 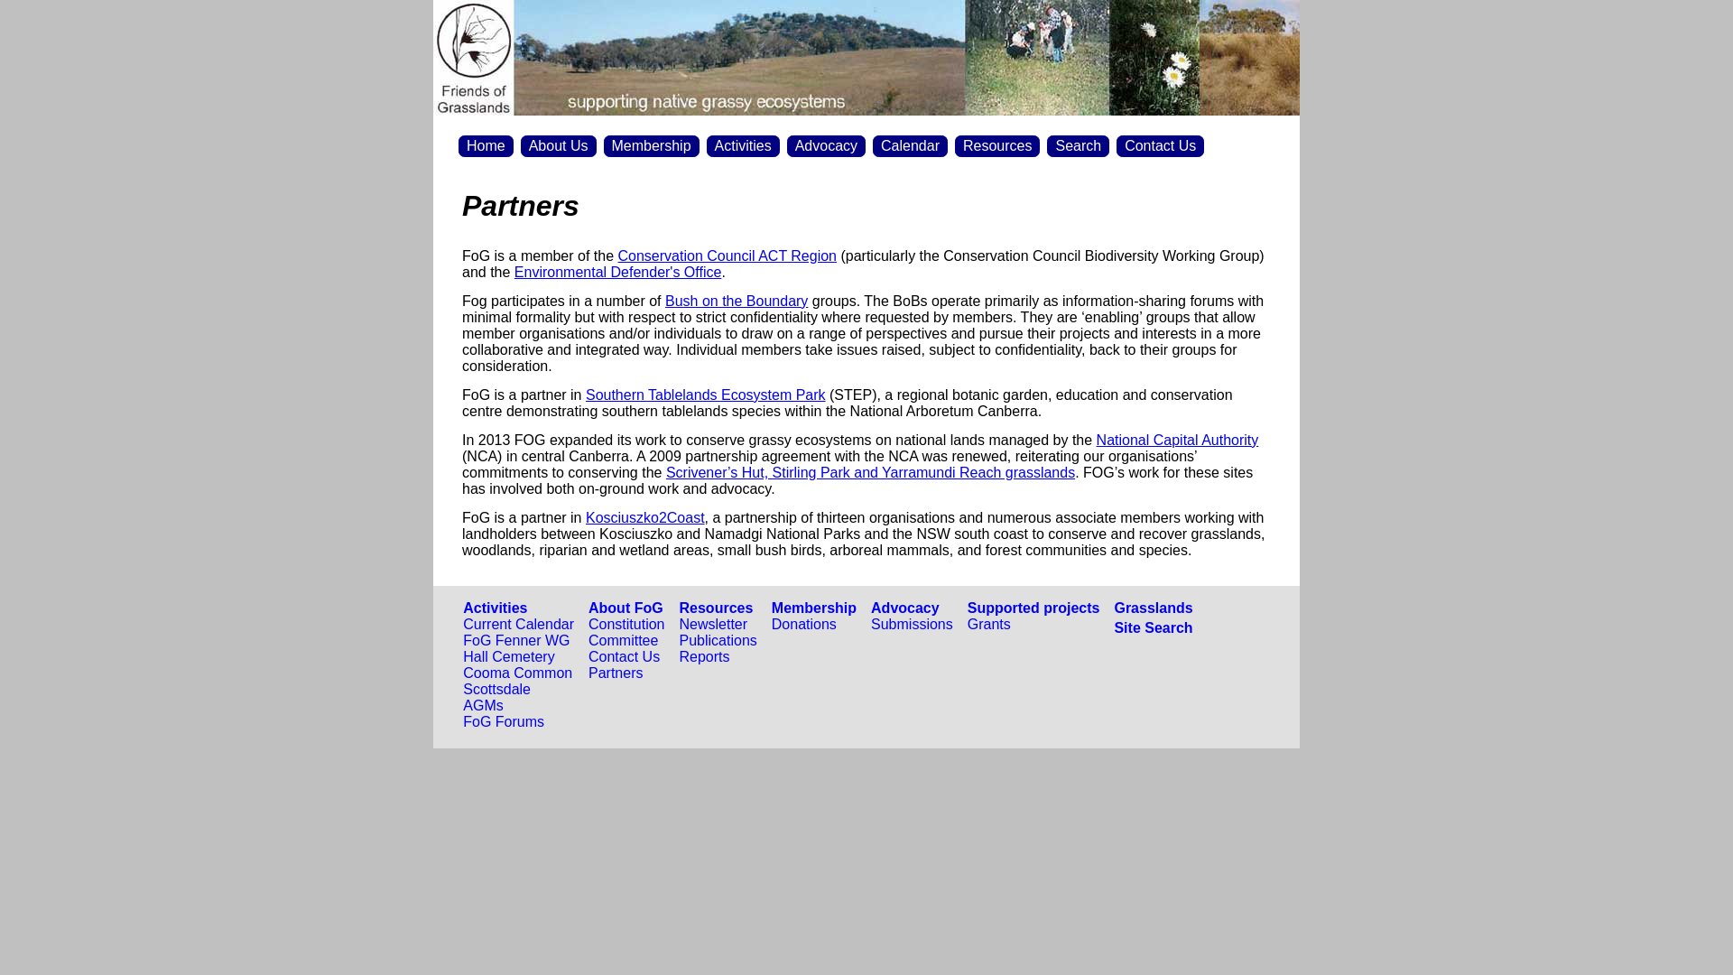 I want to click on 'National Capital Authority', so click(x=1095, y=440).